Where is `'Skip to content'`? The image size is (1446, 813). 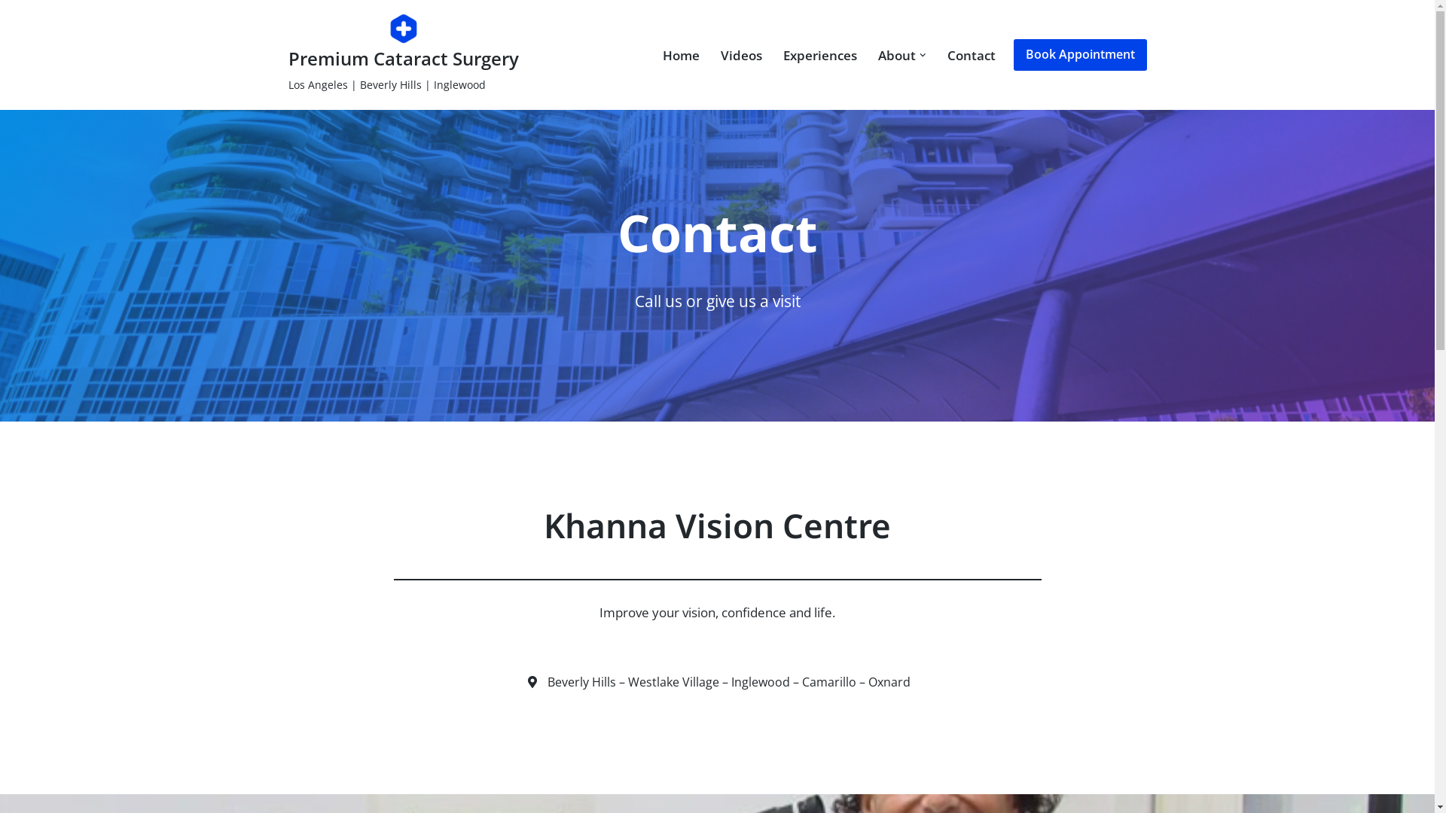 'Skip to content' is located at coordinates (11, 32).